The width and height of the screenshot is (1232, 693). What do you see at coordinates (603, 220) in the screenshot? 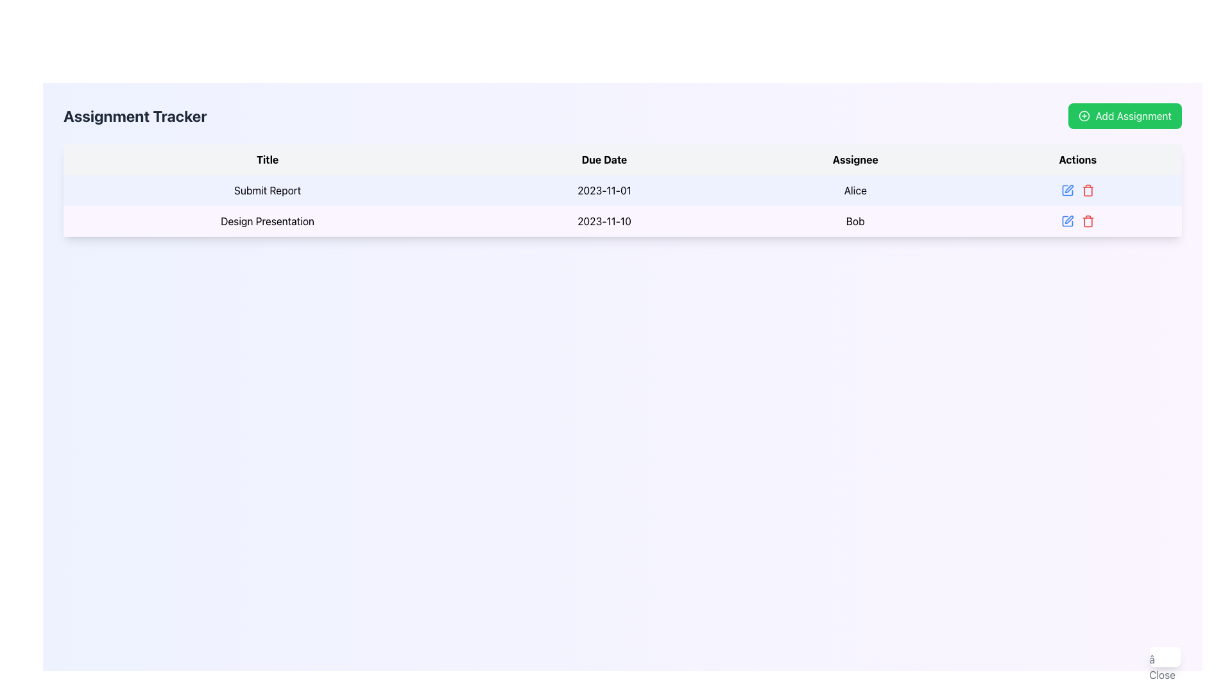
I see `the table cell displaying the date '2023-11-10' in the 'Due Date' column of the second row` at bounding box center [603, 220].